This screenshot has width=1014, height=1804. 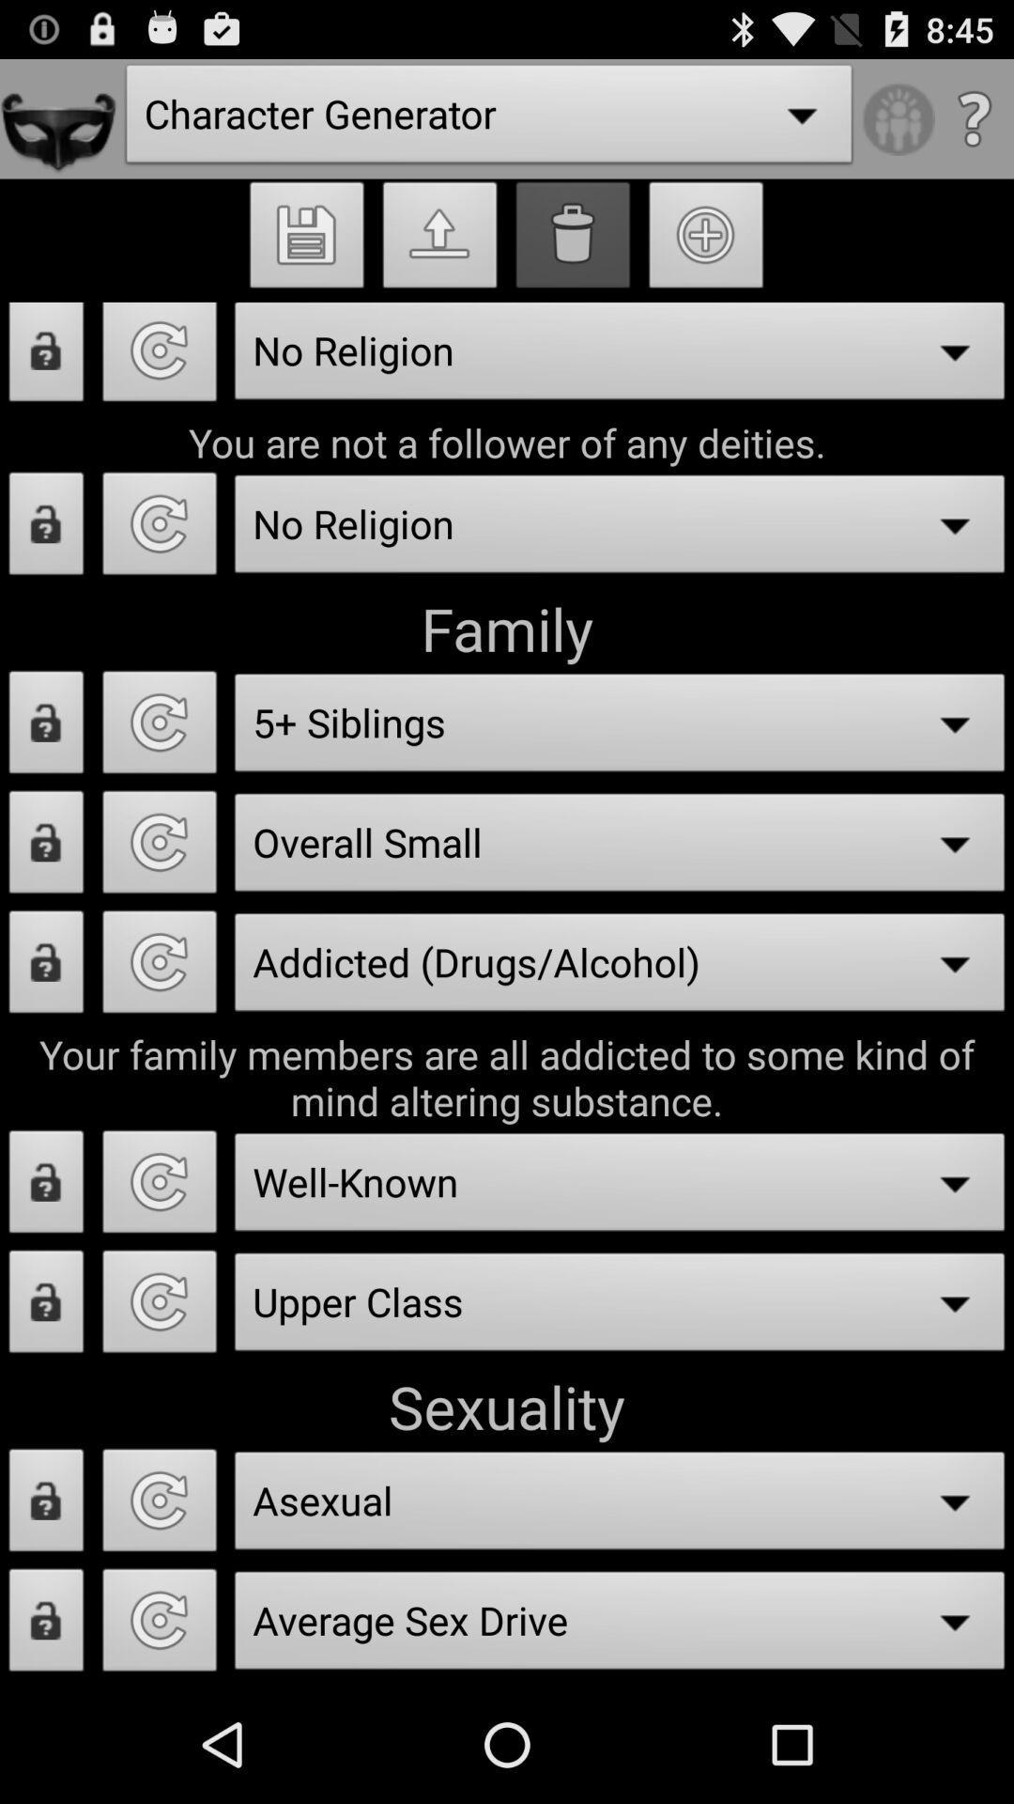 What do you see at coordinates (45, 1505) in the screenshot?
I see `lock` at bounding box center [45, 1505].